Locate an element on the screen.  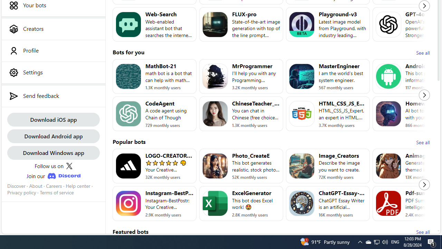
'Bot image for Instagram-BestPost' is located at coordinates (128, 203).